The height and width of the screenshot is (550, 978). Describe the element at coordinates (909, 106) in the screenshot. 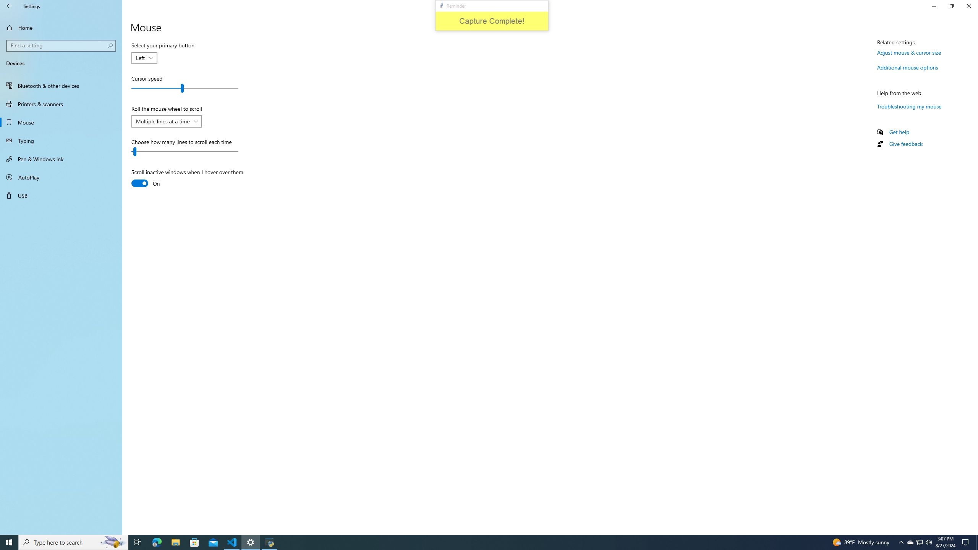

I see `'Troubleshooting my mouse'` at that location.